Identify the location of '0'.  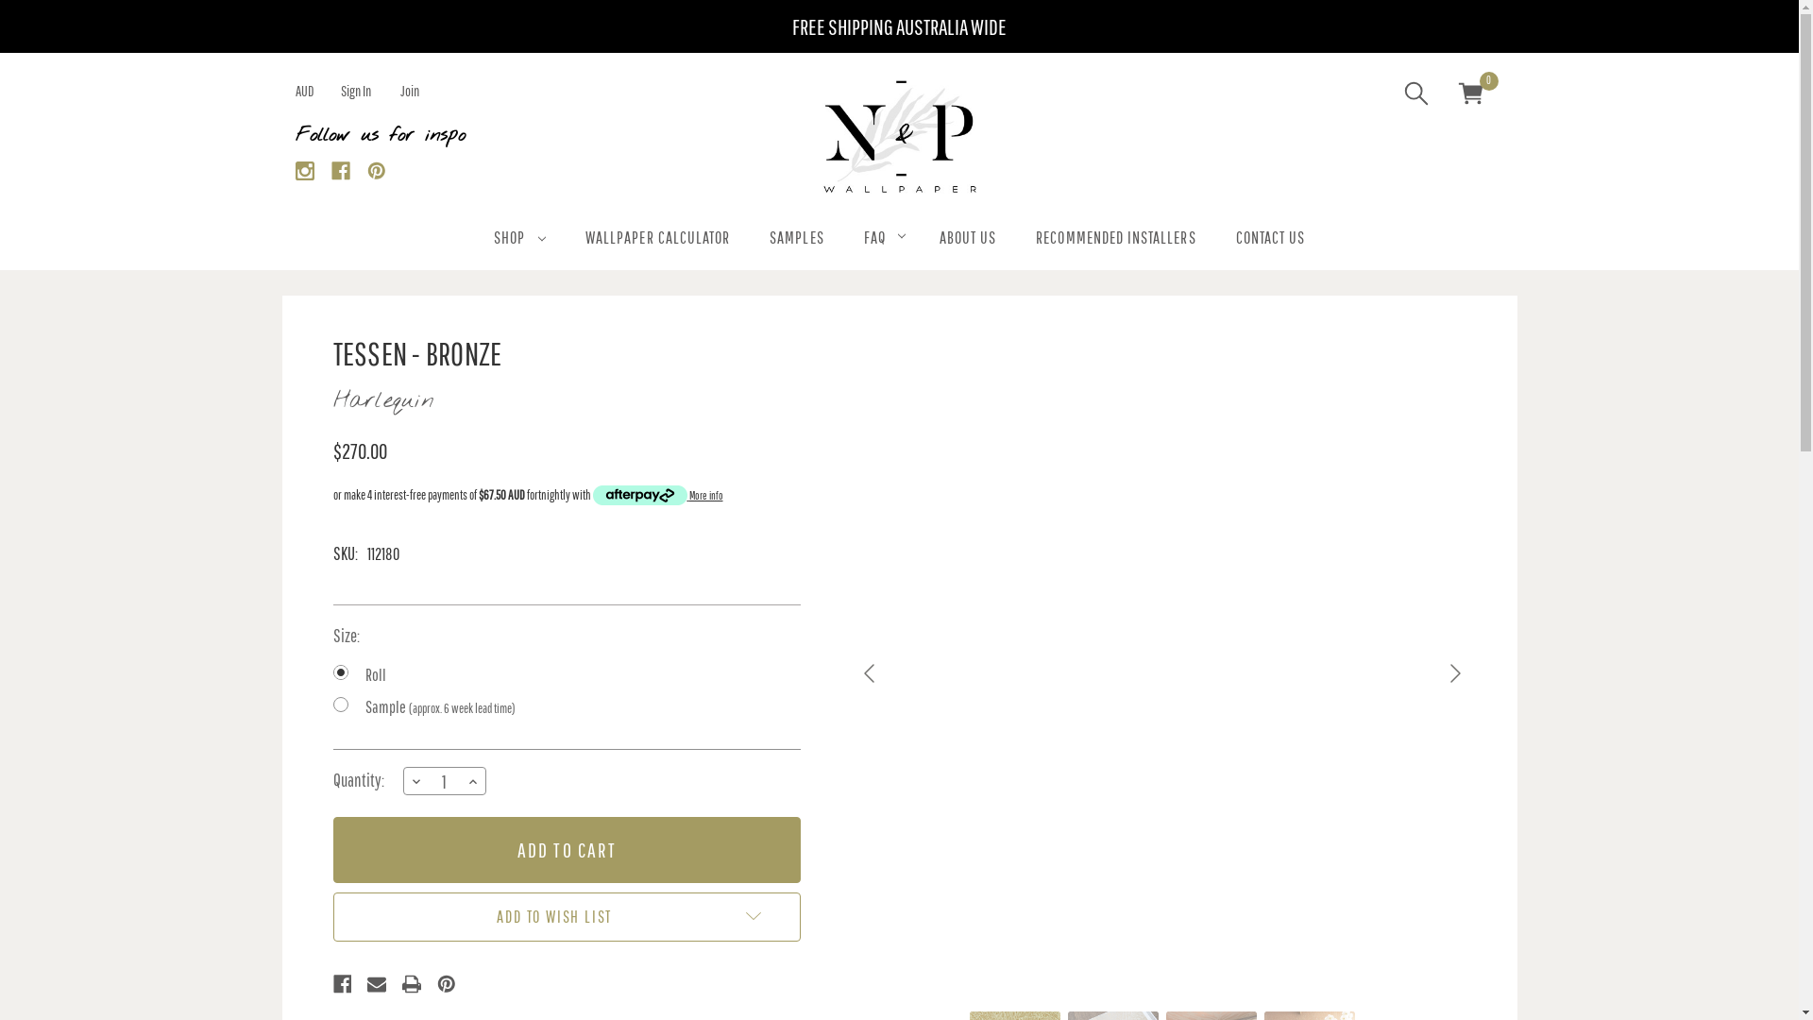
(1468, 95).